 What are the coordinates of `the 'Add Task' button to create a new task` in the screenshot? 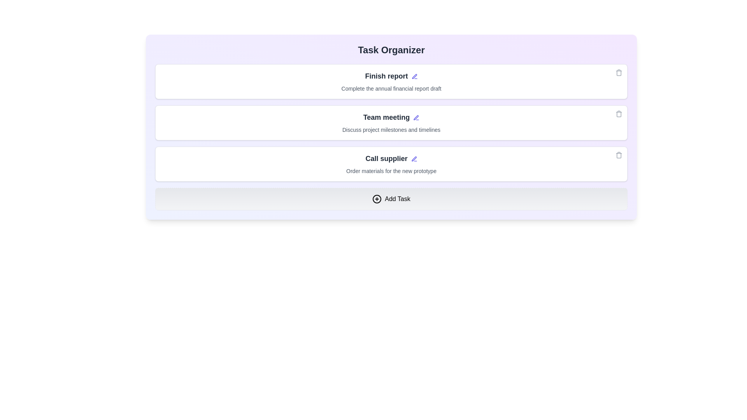 It's located at (391, 199).